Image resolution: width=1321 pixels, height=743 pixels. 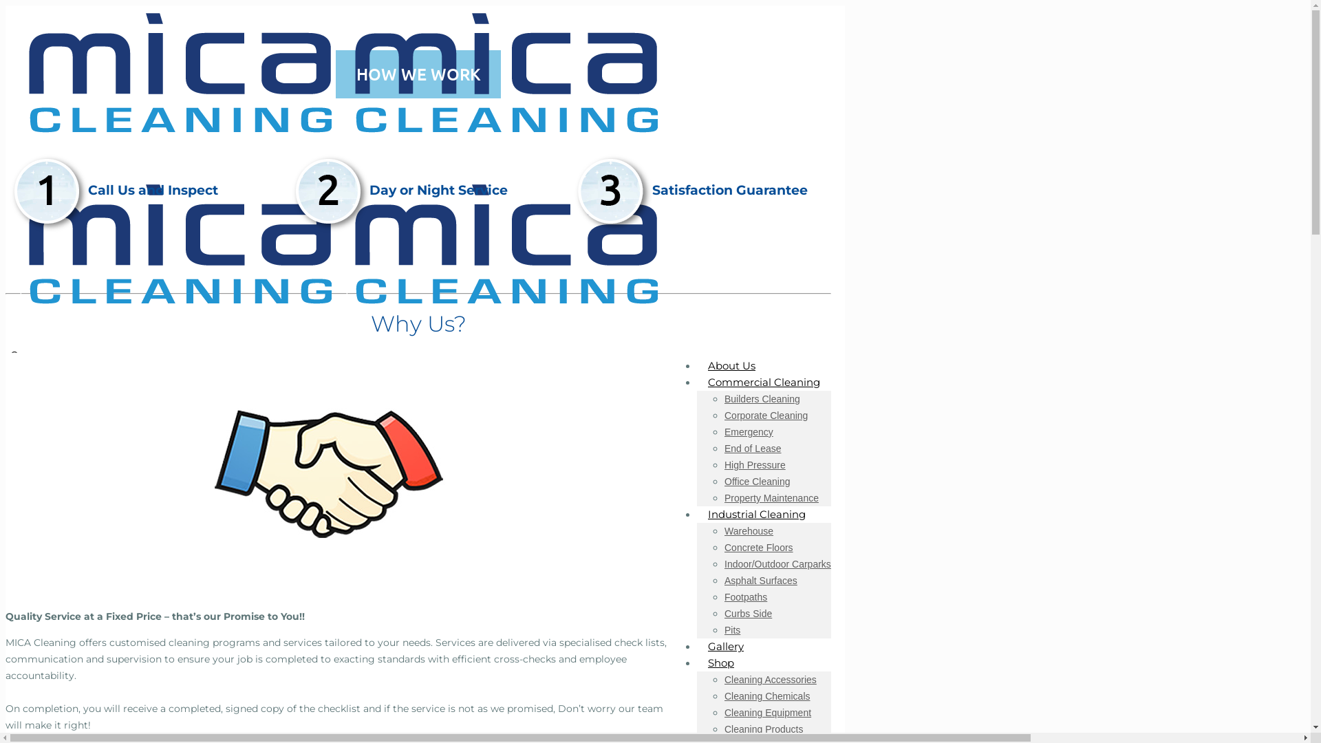 I want to click on 'Property Maintenance', so click(x=771, y=498).